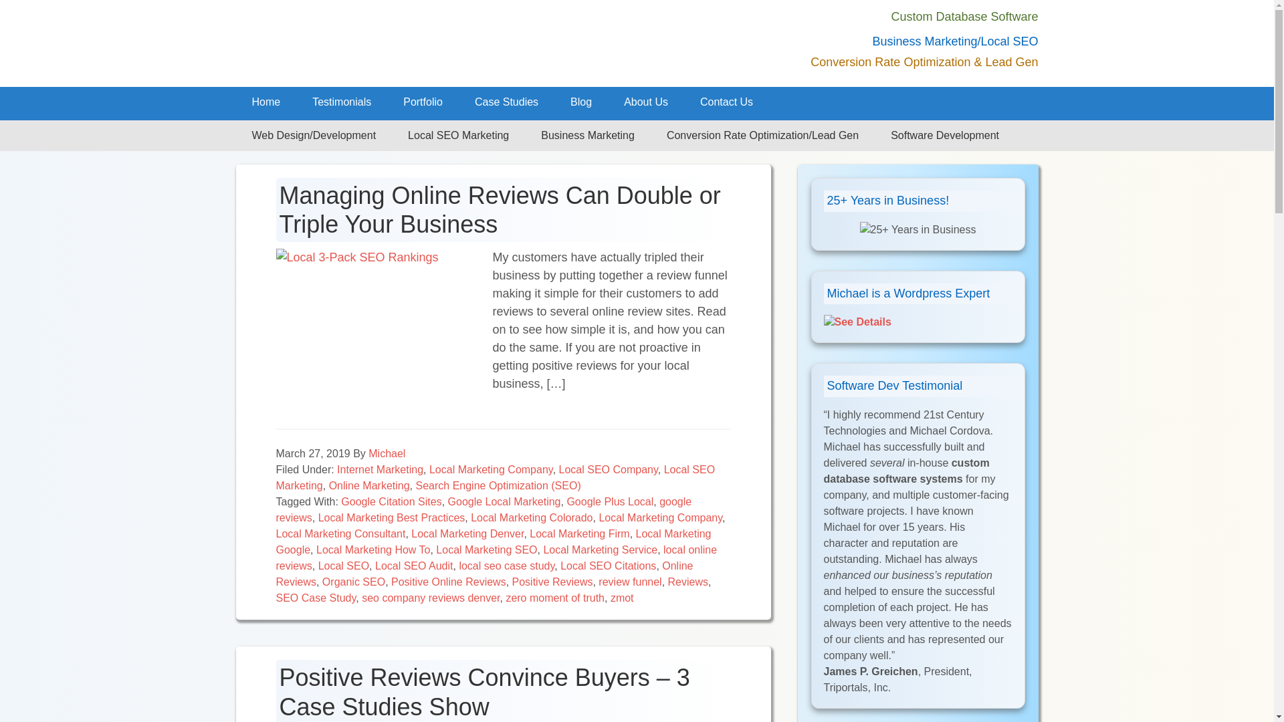 Image resolution: width=1284 pixels, height=722 pixels. I want to click on 'Local Marketing Firm', so click(529, 533).